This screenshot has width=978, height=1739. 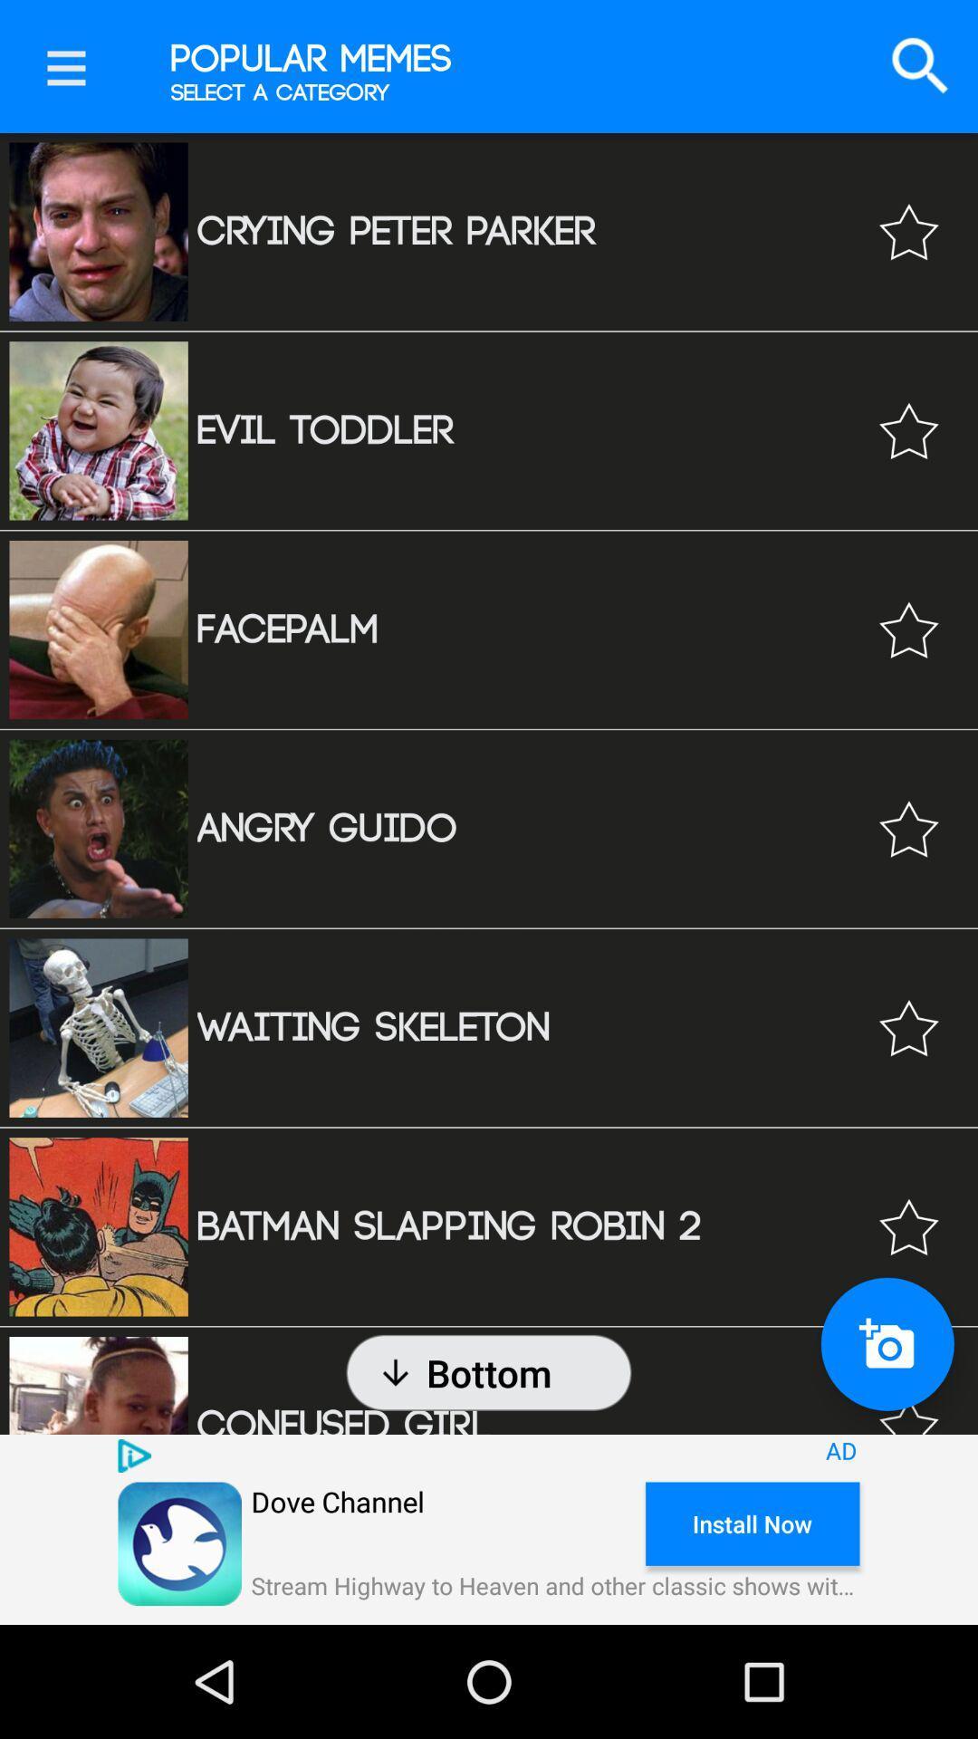 I want to click on click for favorite, so click(x=908, y=1226).